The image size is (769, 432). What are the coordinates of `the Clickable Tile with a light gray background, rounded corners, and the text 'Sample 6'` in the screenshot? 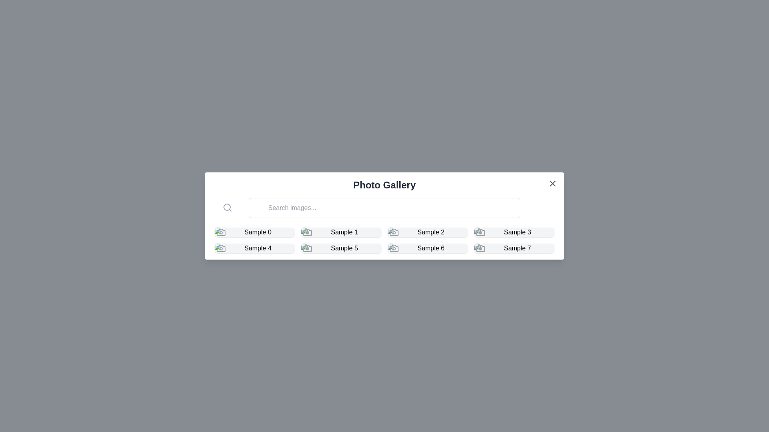 It's located at (427, 248).